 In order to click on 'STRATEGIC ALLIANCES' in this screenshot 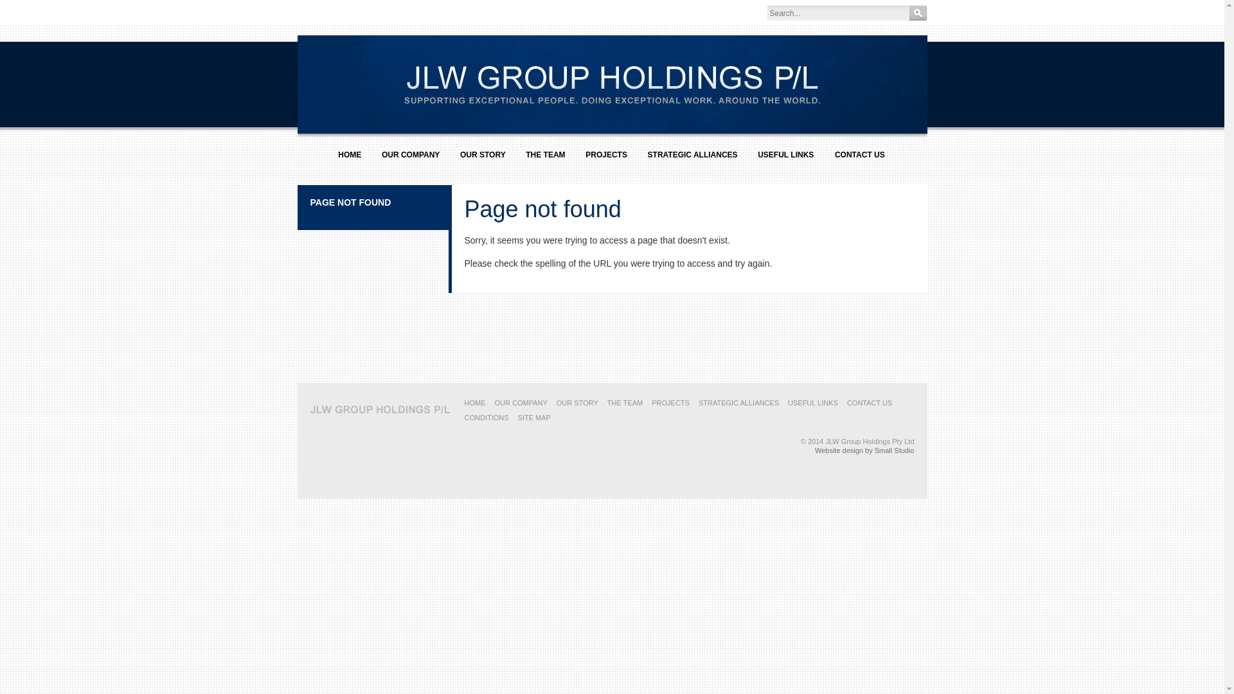, I will do `click(692, 159)`.